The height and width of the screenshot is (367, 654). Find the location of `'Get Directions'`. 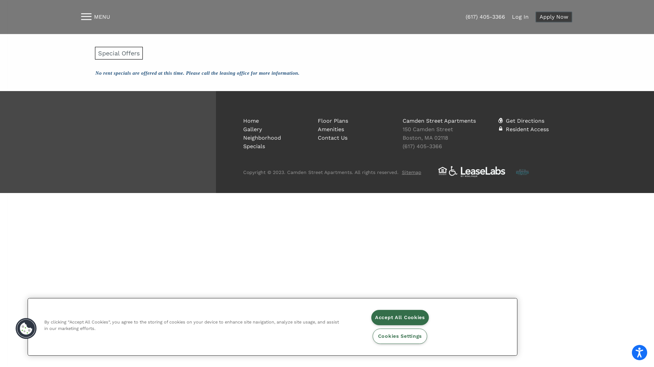

'Get Directions' is located at coordinates (525, 120).